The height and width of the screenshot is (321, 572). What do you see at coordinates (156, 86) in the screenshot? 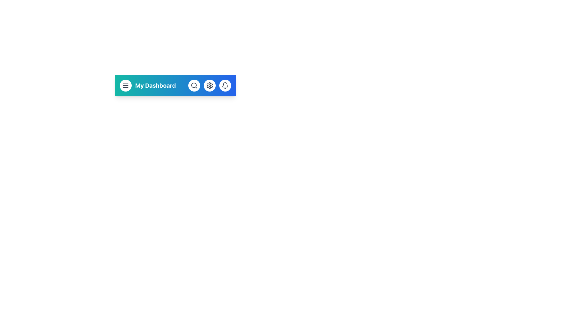
I see `the text label that represents the dashboard section of the application, located in the navigation bar to the right of the menu icon` at bounding box center [156, 86].